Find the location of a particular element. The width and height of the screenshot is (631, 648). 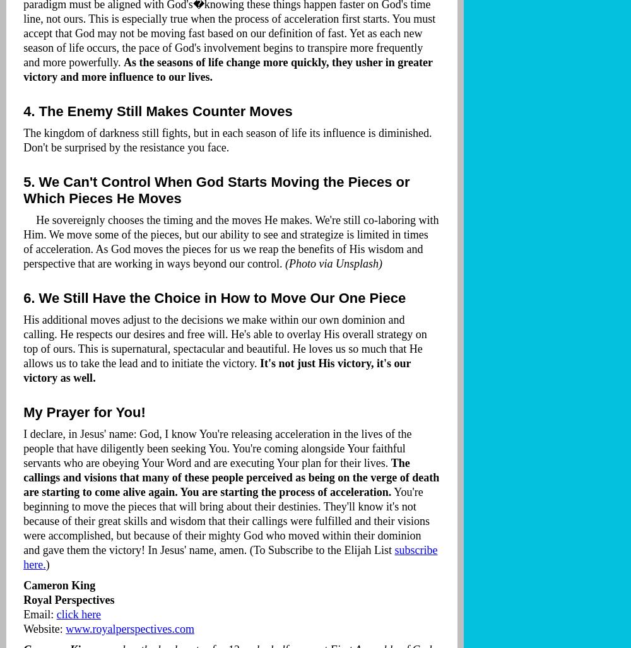

'You're beginning to move the pieces that will bring about their destinies.  They'll know it's not because of their great skills and wisdom that their callings were fulfilled and their visions were accomplished, but because of their mighty God who moved within their dominion and gave them the victory! In Jesus' name, amen. (To Subscribe to the Elijah List' is located at coordinates (225, 521).